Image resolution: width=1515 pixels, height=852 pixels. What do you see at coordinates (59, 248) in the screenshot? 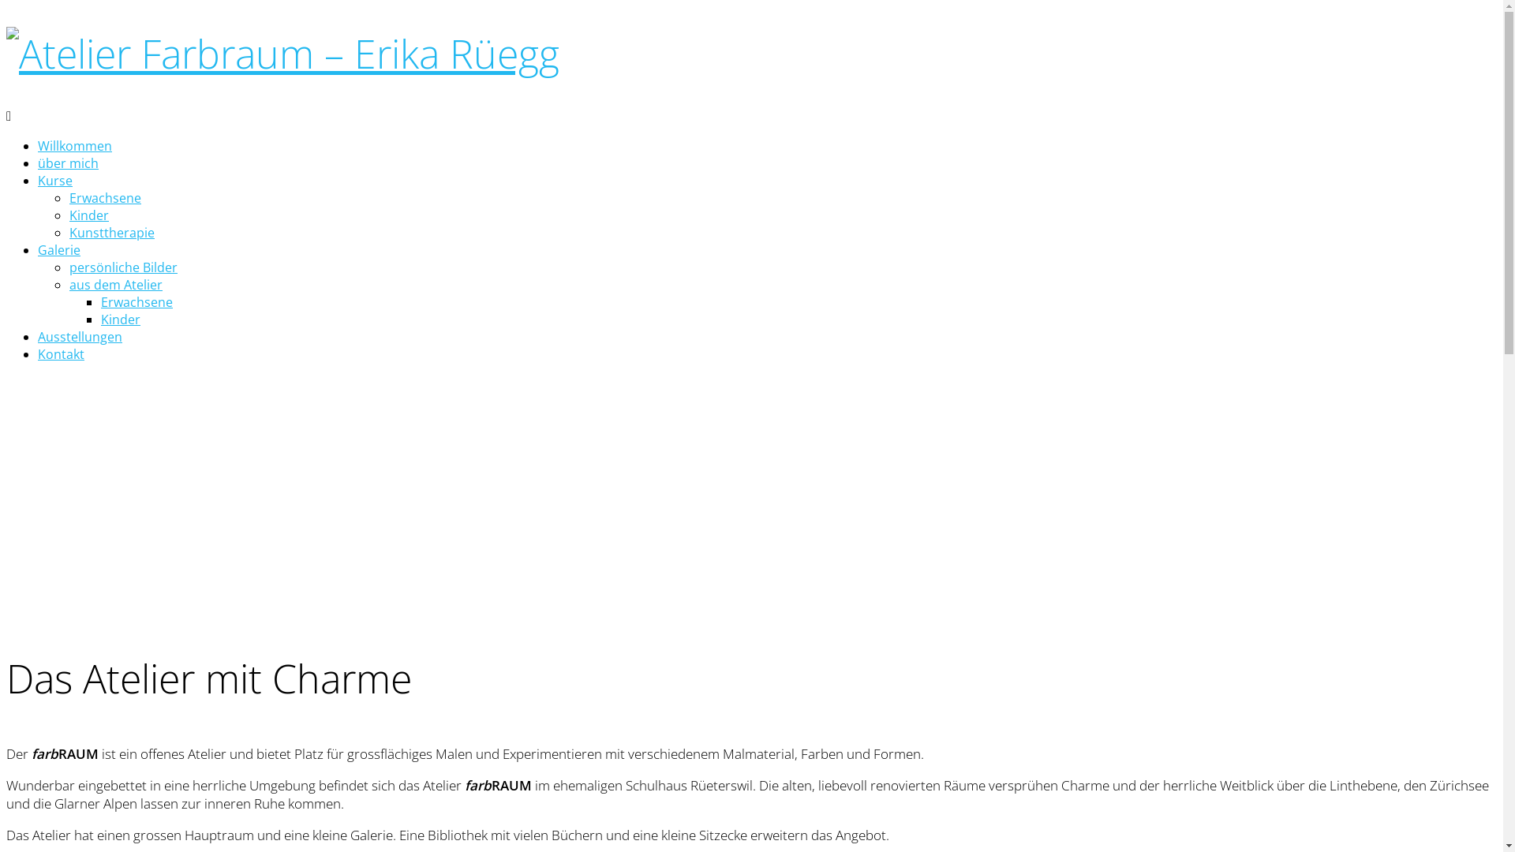
I see `'Galerie'` at bounding box center [59, 248].